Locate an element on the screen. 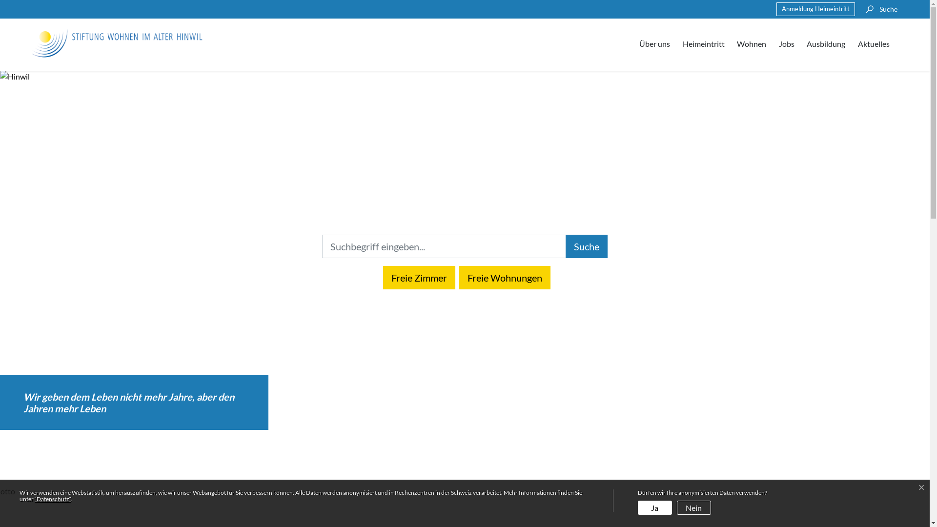  'Ja' is located at coordinates (655, 500).